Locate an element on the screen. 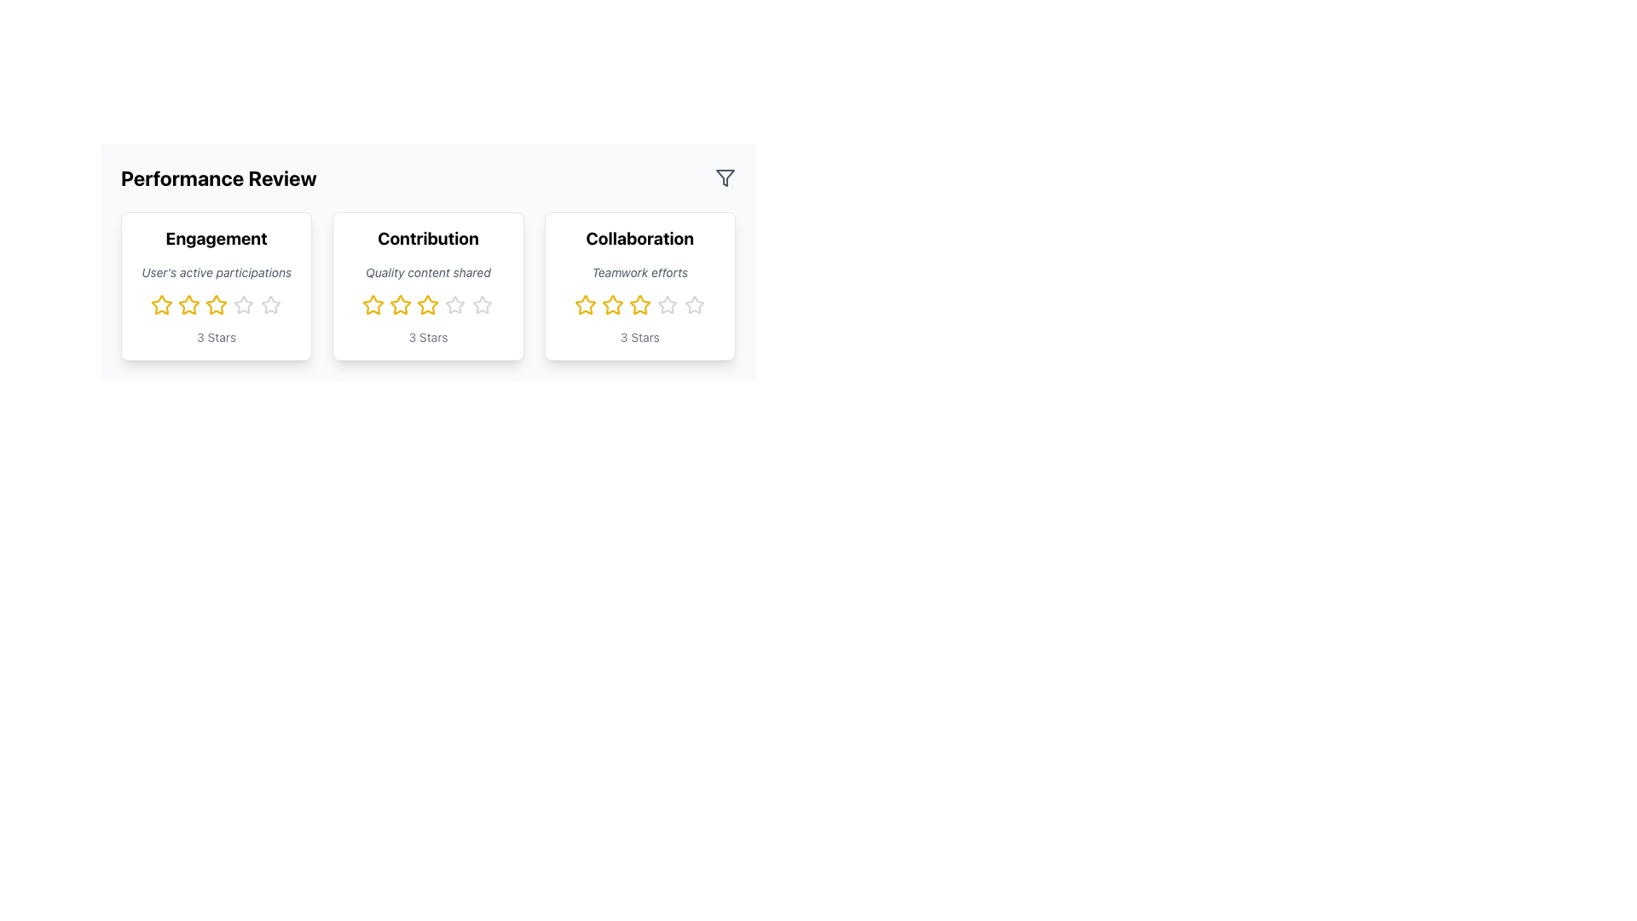 The height and width of the screenshot is (921, 1637). the second star icon in the rating system under the 'Collaboration' category of the 'Performance Review' section is located at coordinates (612, 304).